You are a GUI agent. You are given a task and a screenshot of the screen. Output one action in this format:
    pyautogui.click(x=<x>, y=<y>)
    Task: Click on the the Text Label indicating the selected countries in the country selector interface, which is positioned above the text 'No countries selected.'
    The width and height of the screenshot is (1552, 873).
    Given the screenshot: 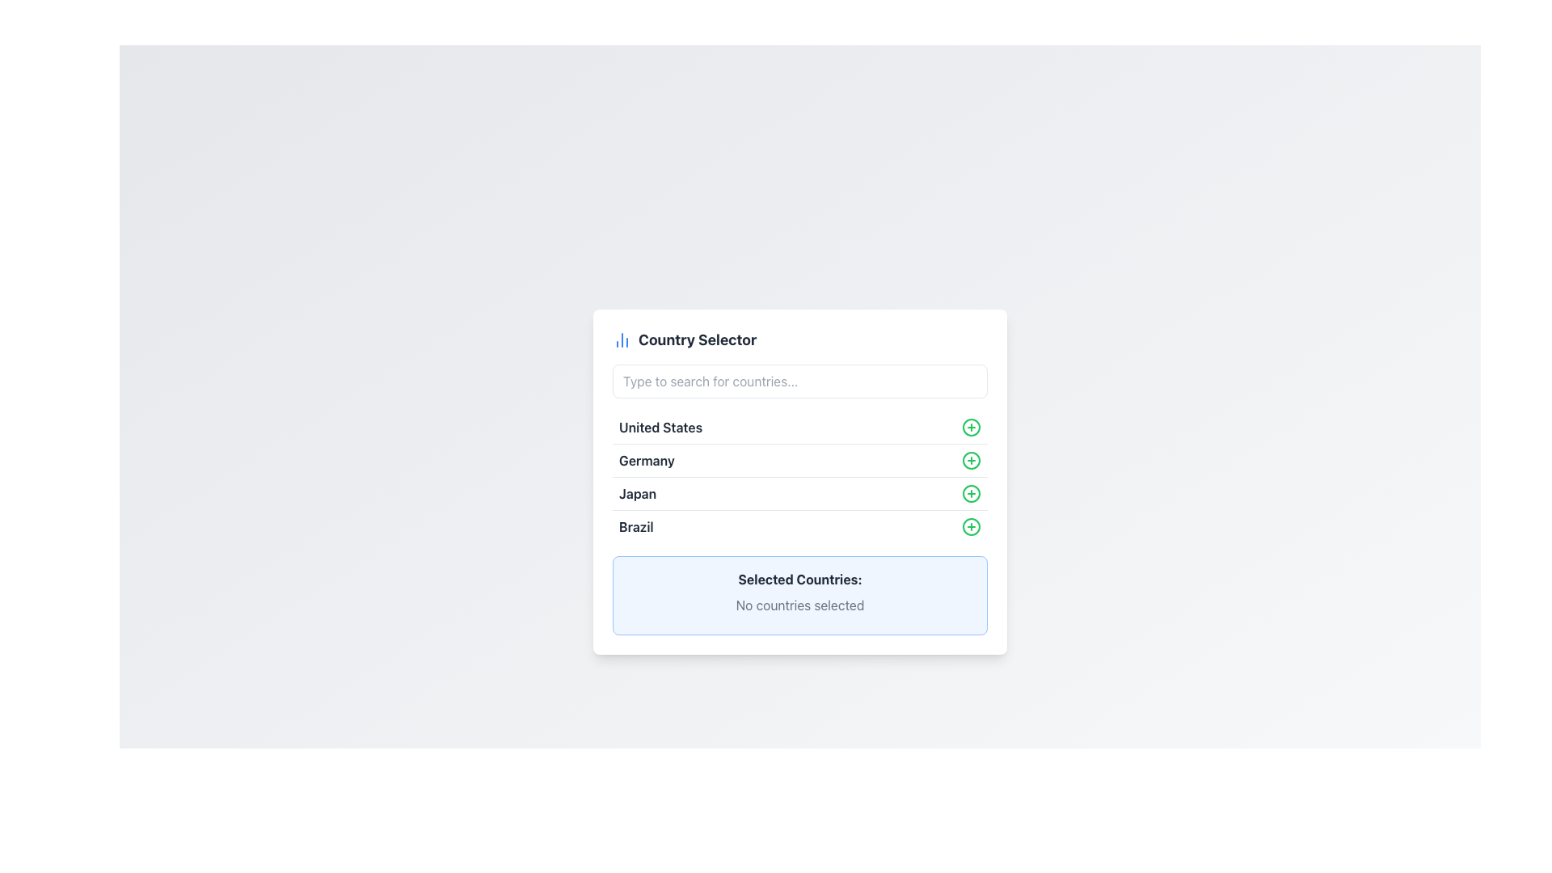 What is the action you would take?
    pyautogui.click(x=799, y=578)
    